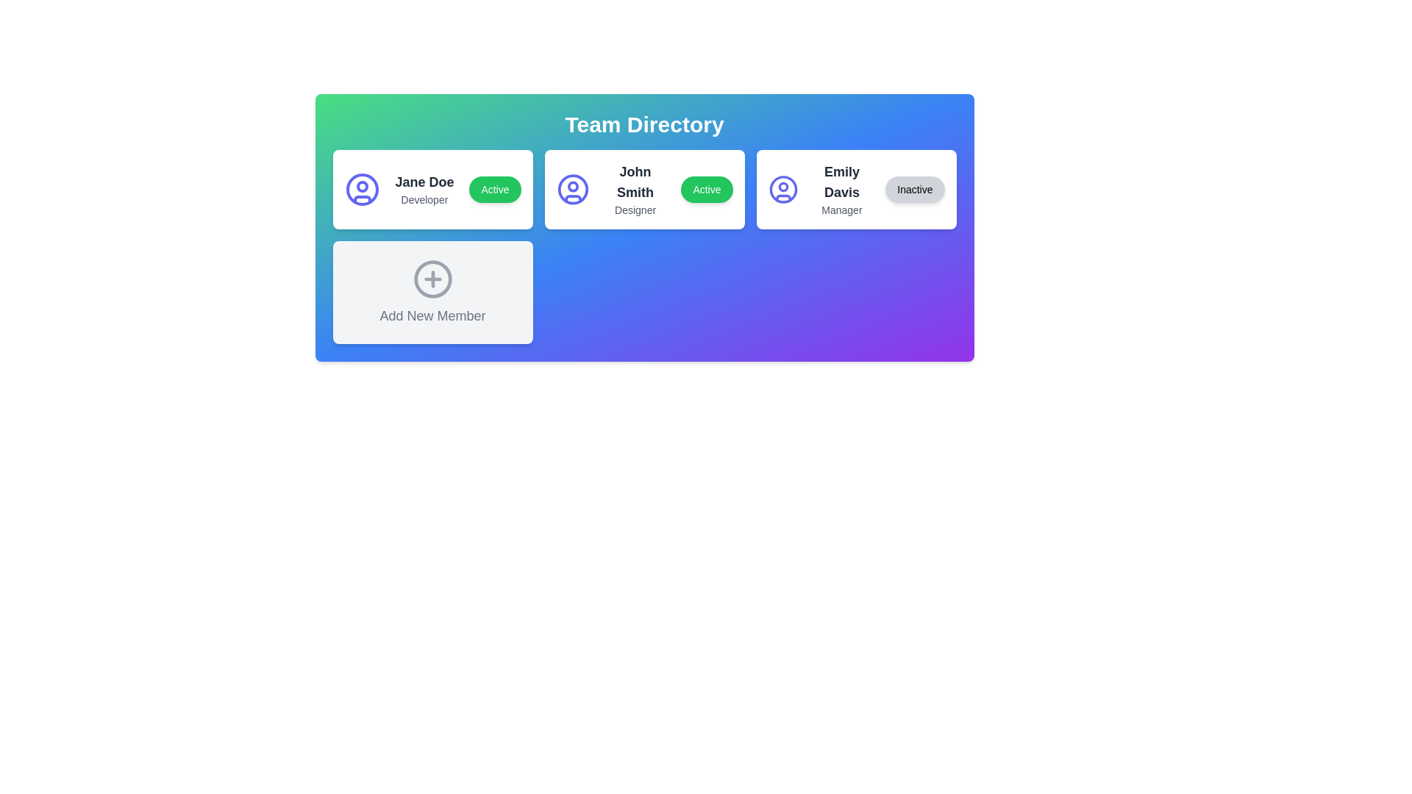 This screenshot has height=794, width=1412. Describe the element at coordinates (432, 279) in the screenshot. I see `the plus icon button located at the bottom-left of the 'Team Directory' interface` at that location.